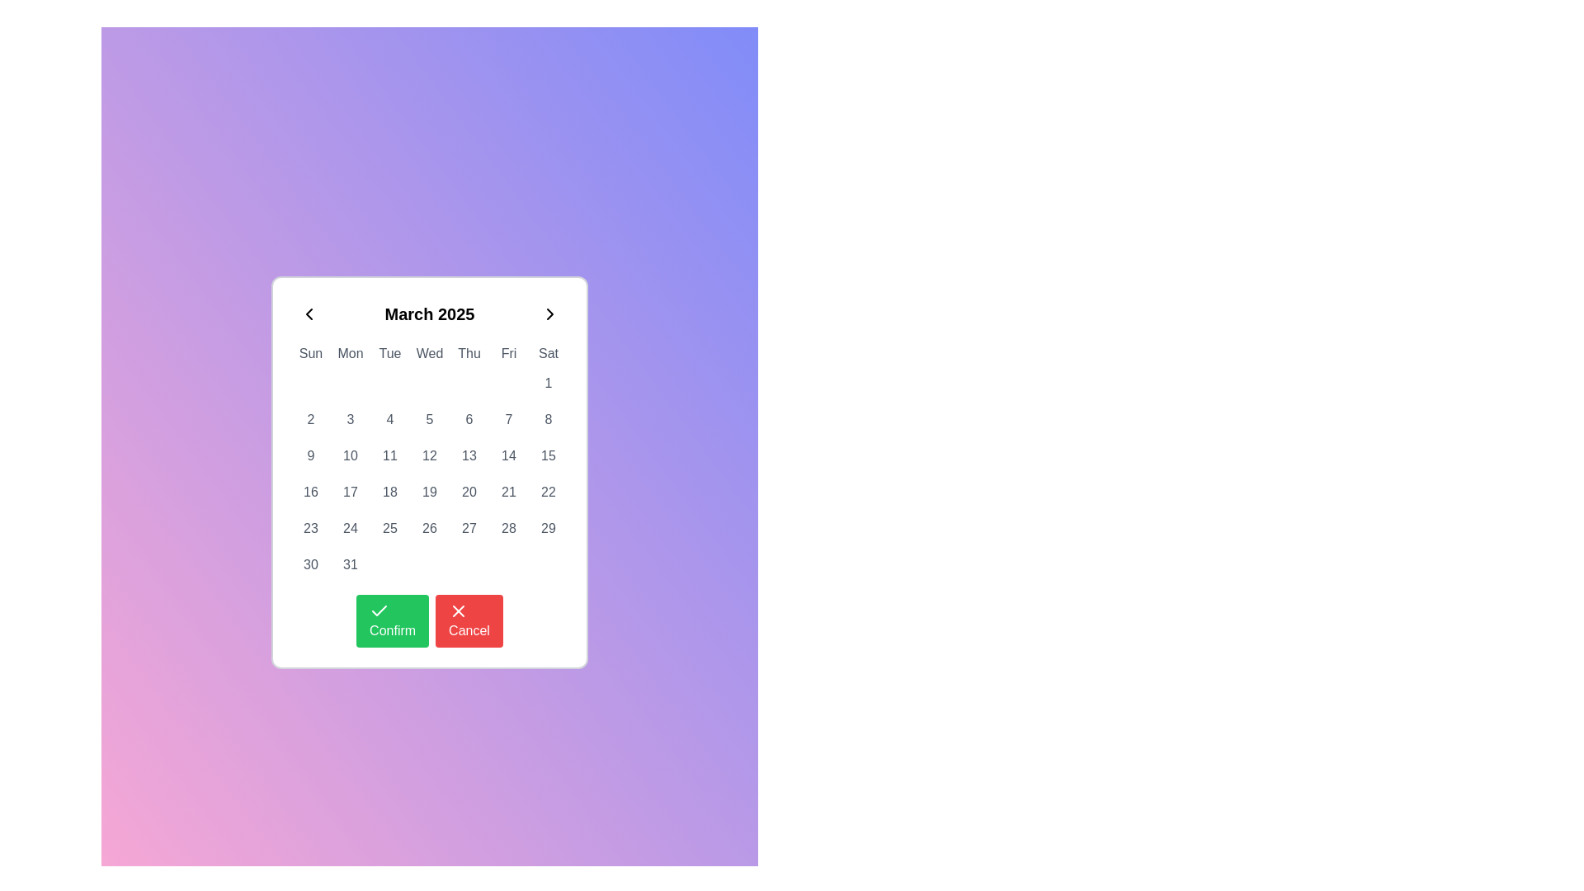 Image resolution: width=1584 pixels, height=891 pixels. What do you see at coordinates (469, 620) in the screenshot?
I see `the red rectangular 'Cancel' button with rounded corners, located to the right of the 'Confirm' button in the calendar interface, to observe the hover styling effect` at bounding box center [469, 620].